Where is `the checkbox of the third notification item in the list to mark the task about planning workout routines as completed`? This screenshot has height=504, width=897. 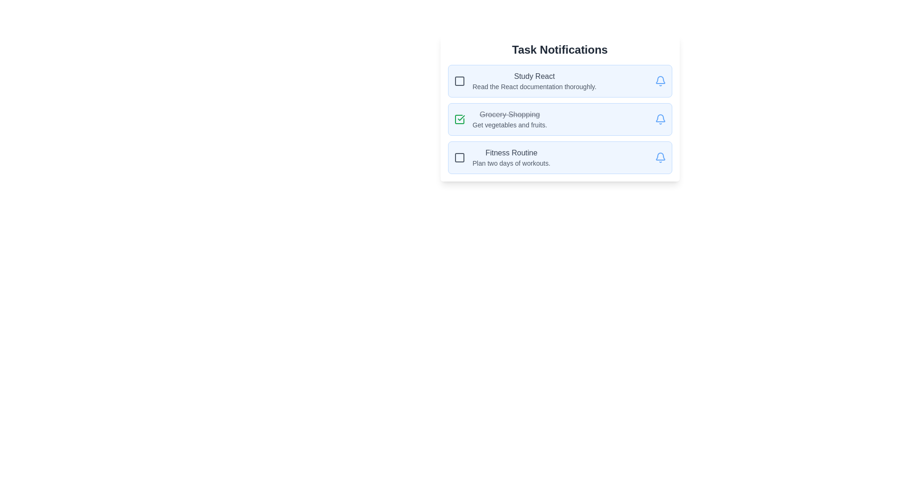 the checkbox of the third notification item in the list to mark the task about planning workout routines as completed is located at coordinates (501, 157).